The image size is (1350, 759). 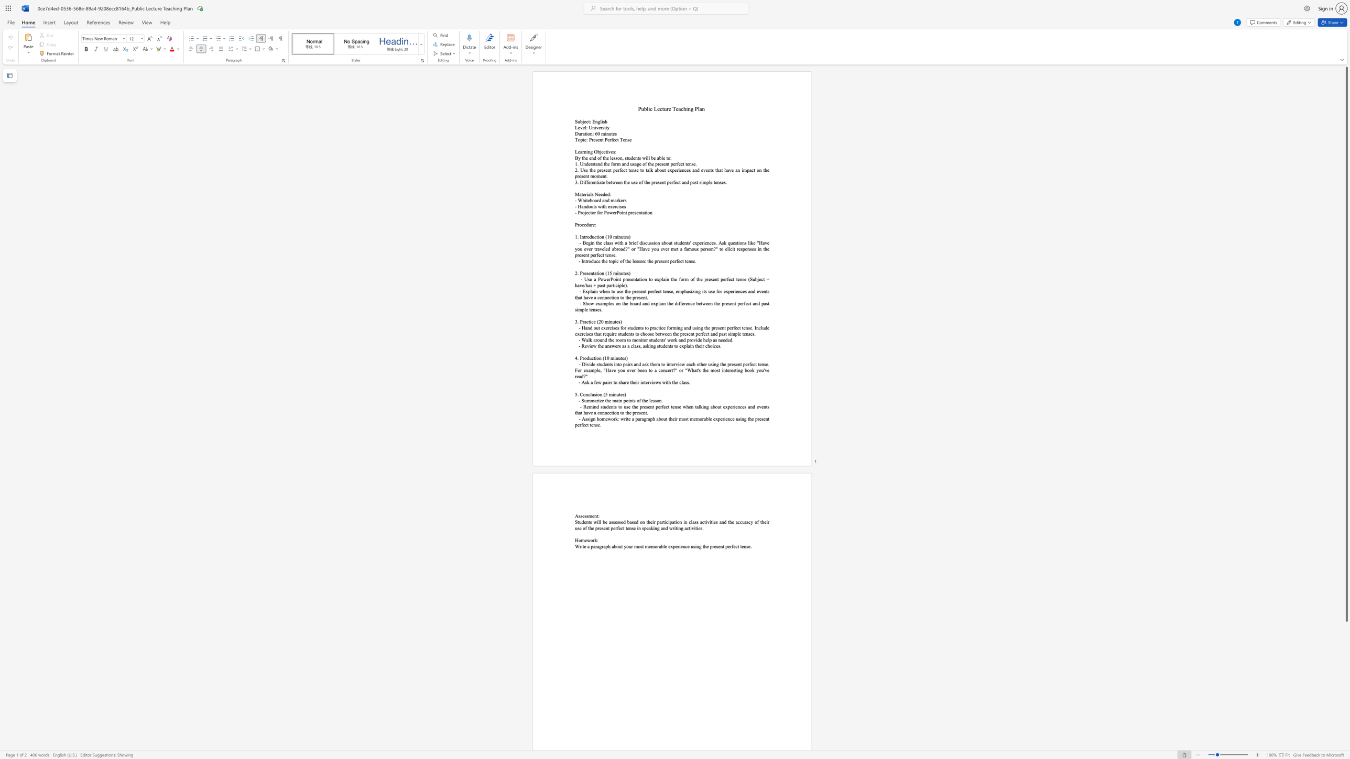 What do you see at coordinates (627, 339) in the screenshot?
I see `the subset text "to" within the text "- Walk around the room to"` at bounding box center [627, 339].